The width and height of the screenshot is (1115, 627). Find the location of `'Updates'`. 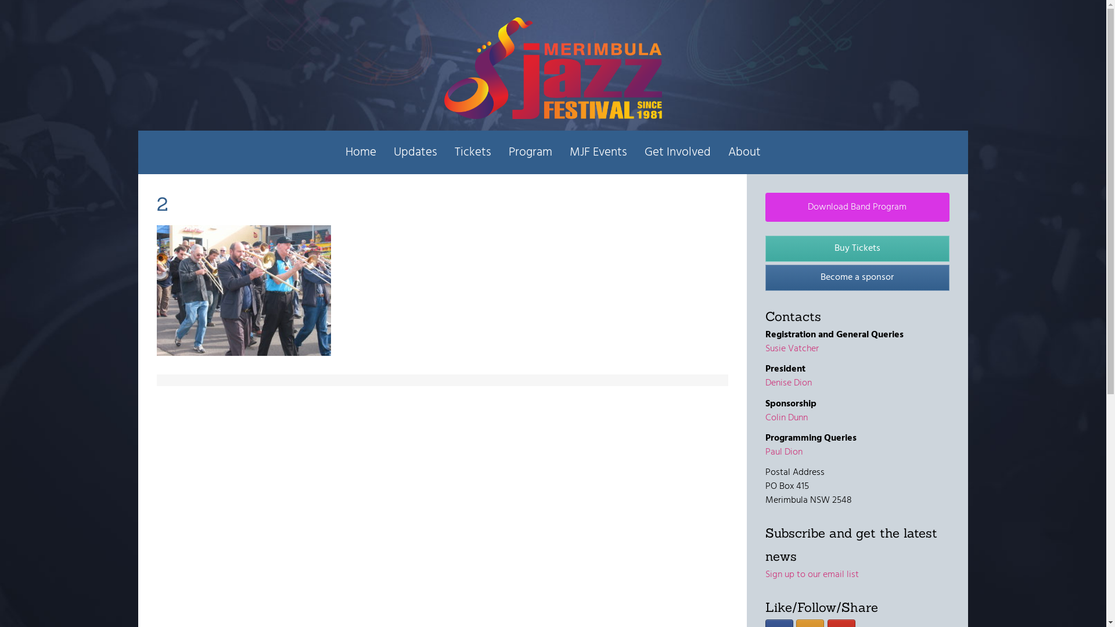

'Updates' is located at coordinates (384, 152).